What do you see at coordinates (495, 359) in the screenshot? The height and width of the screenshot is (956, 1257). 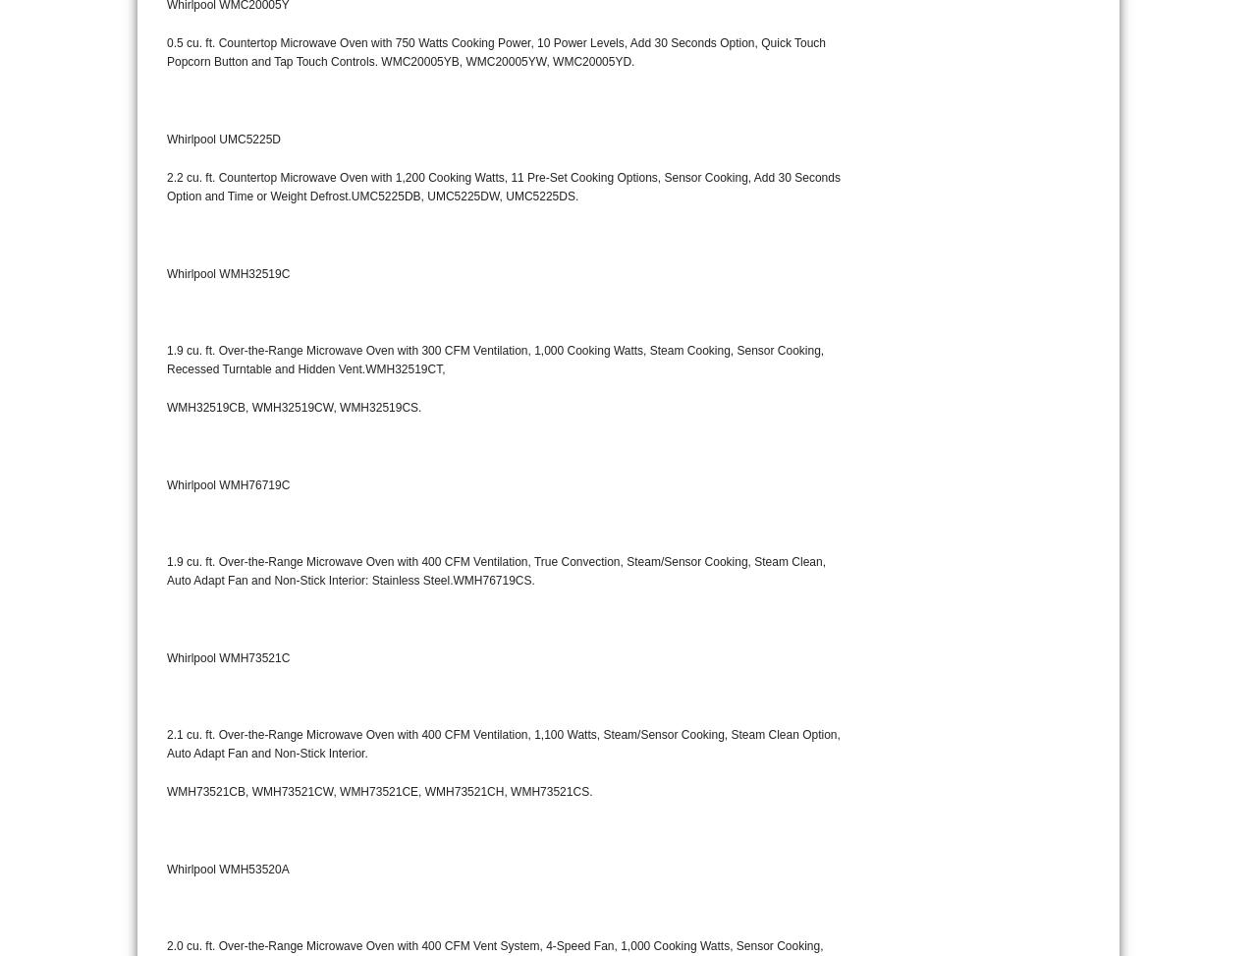 I see `'1.9 cu. ft. Over-the-Range Microwave Oven with 300 CFM Ventilation, 1,000 Cooking Watts, Steam Cooking, Sensor Cooking, Recessed Turntable and Hidden Vent.WMH32519CT,'` at bounding box center [495, 359].